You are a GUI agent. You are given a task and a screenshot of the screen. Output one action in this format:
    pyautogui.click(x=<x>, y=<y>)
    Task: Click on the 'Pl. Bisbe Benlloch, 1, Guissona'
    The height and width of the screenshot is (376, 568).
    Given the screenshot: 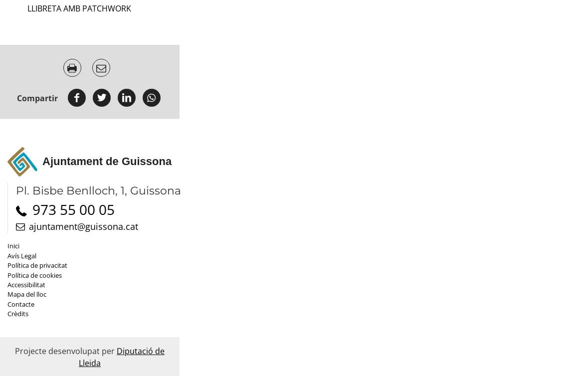 What is the action you would take?
    pyautogui.click(x=16, y=190)
    